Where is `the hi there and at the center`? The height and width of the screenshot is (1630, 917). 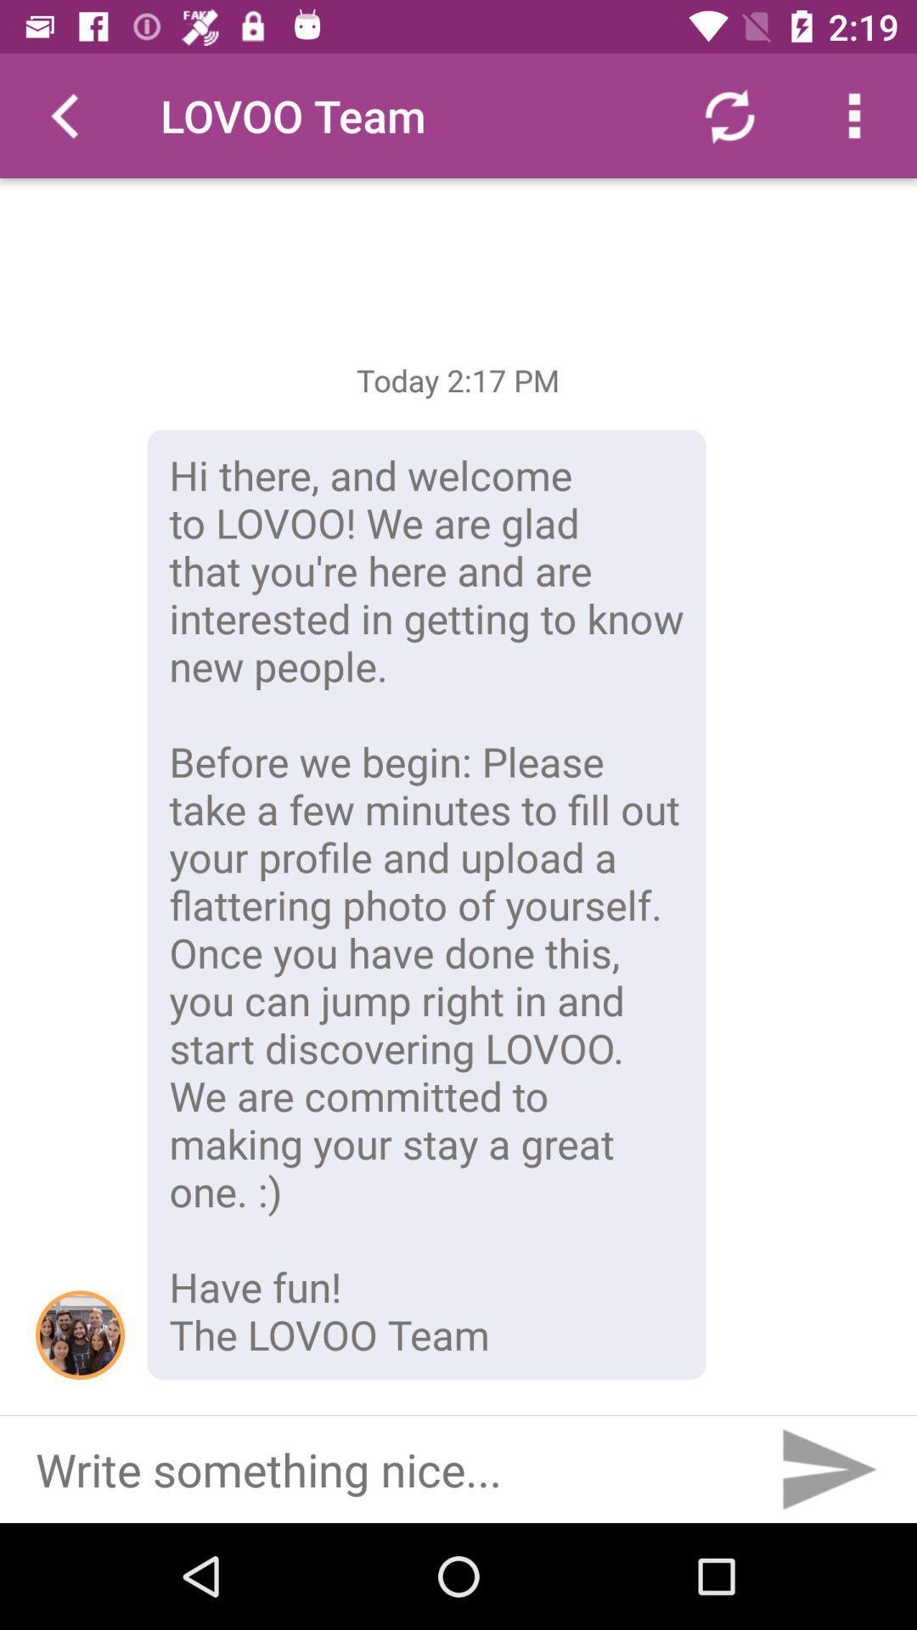 the hi there and at the center is located at coordinates (425, 903).